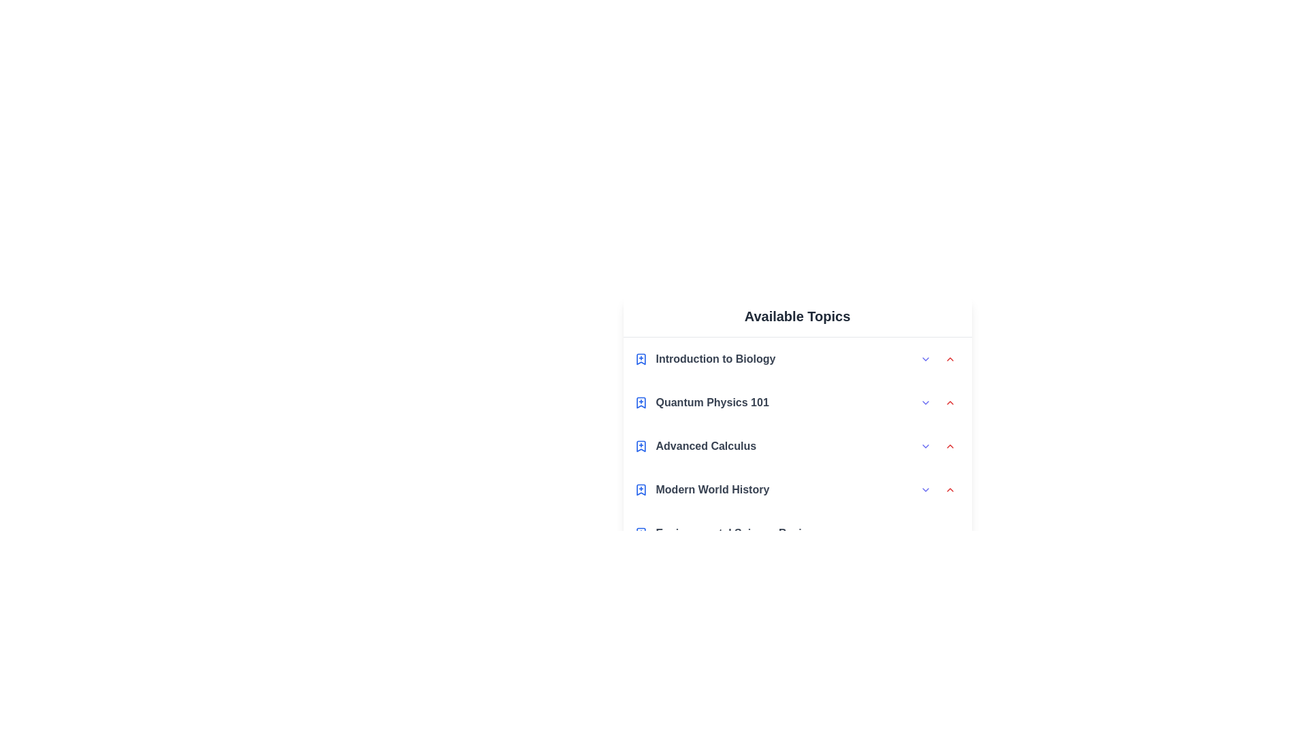 This screenshot has width=1307, height=735. I want to click on the topic Advanced Calculus to highlight it, so click(797, 446).